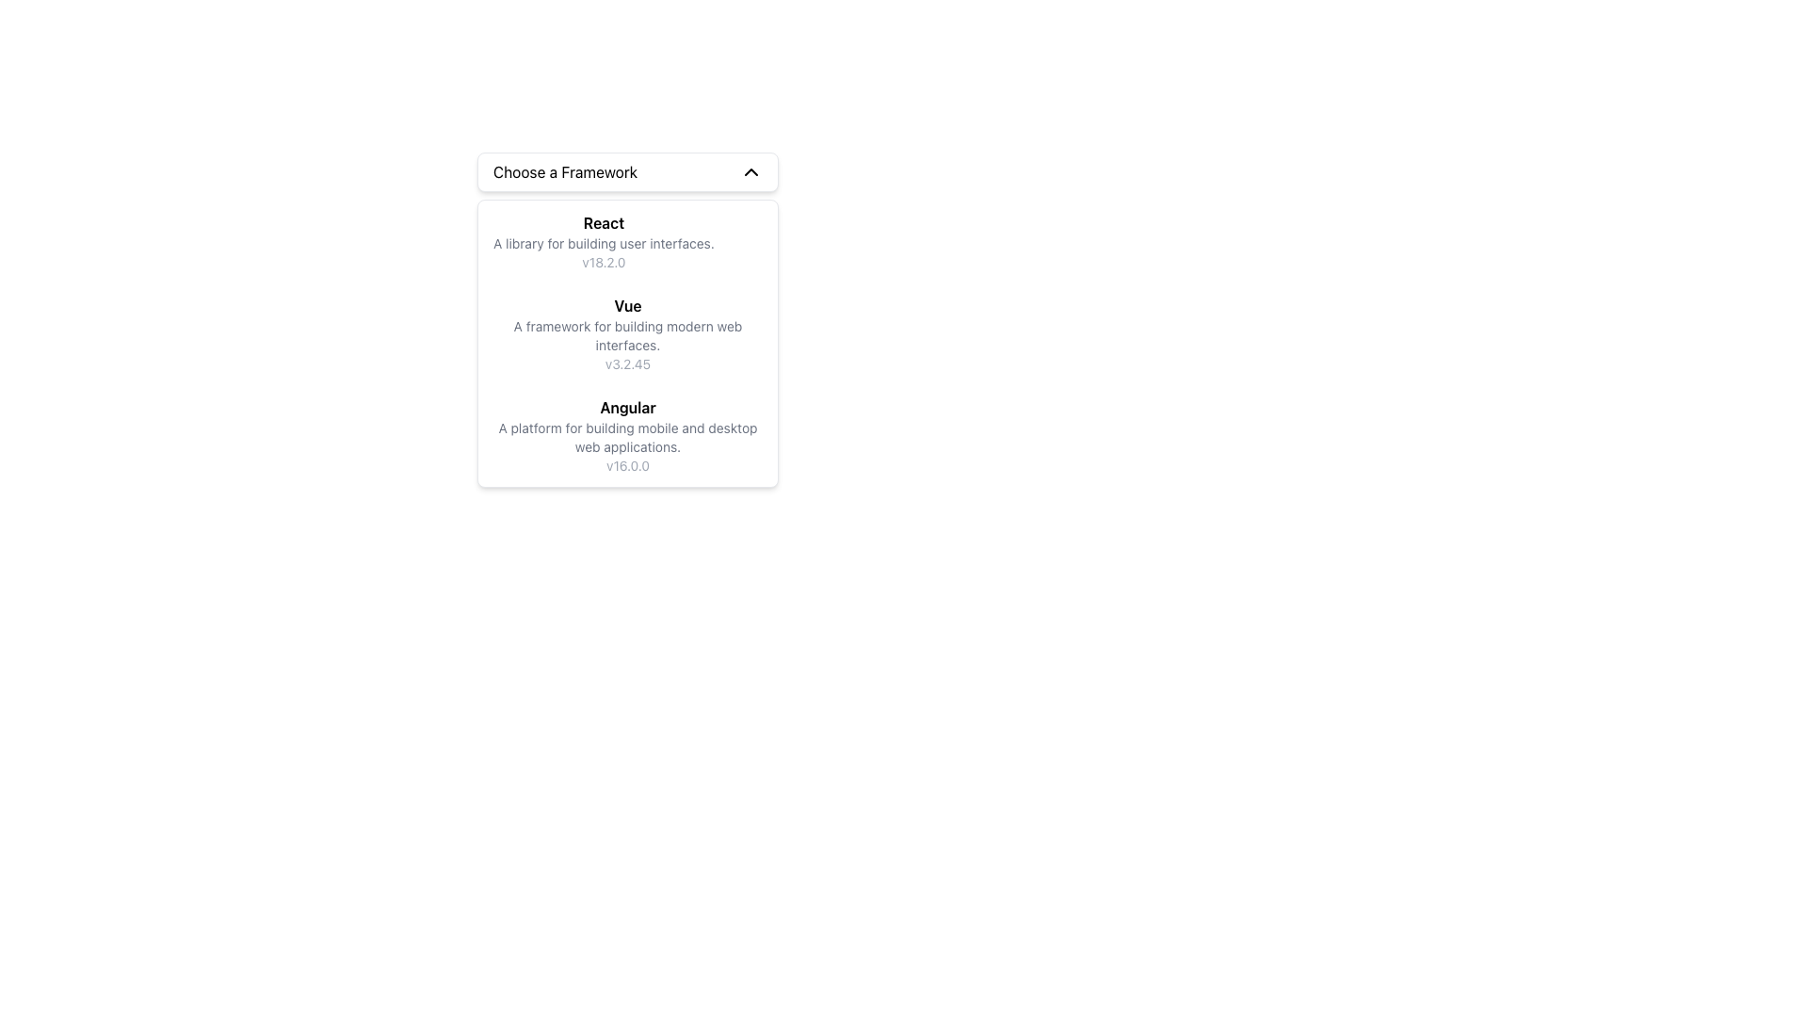 The height and width of the screenshot is (1017, 1808). Describe the element at coordinates (628, 304) in the screenshot. I see `the title text of the Vue framework, which is located in the vertical list of frameworks beneath the heading 'Choose a Framework'` at that location.